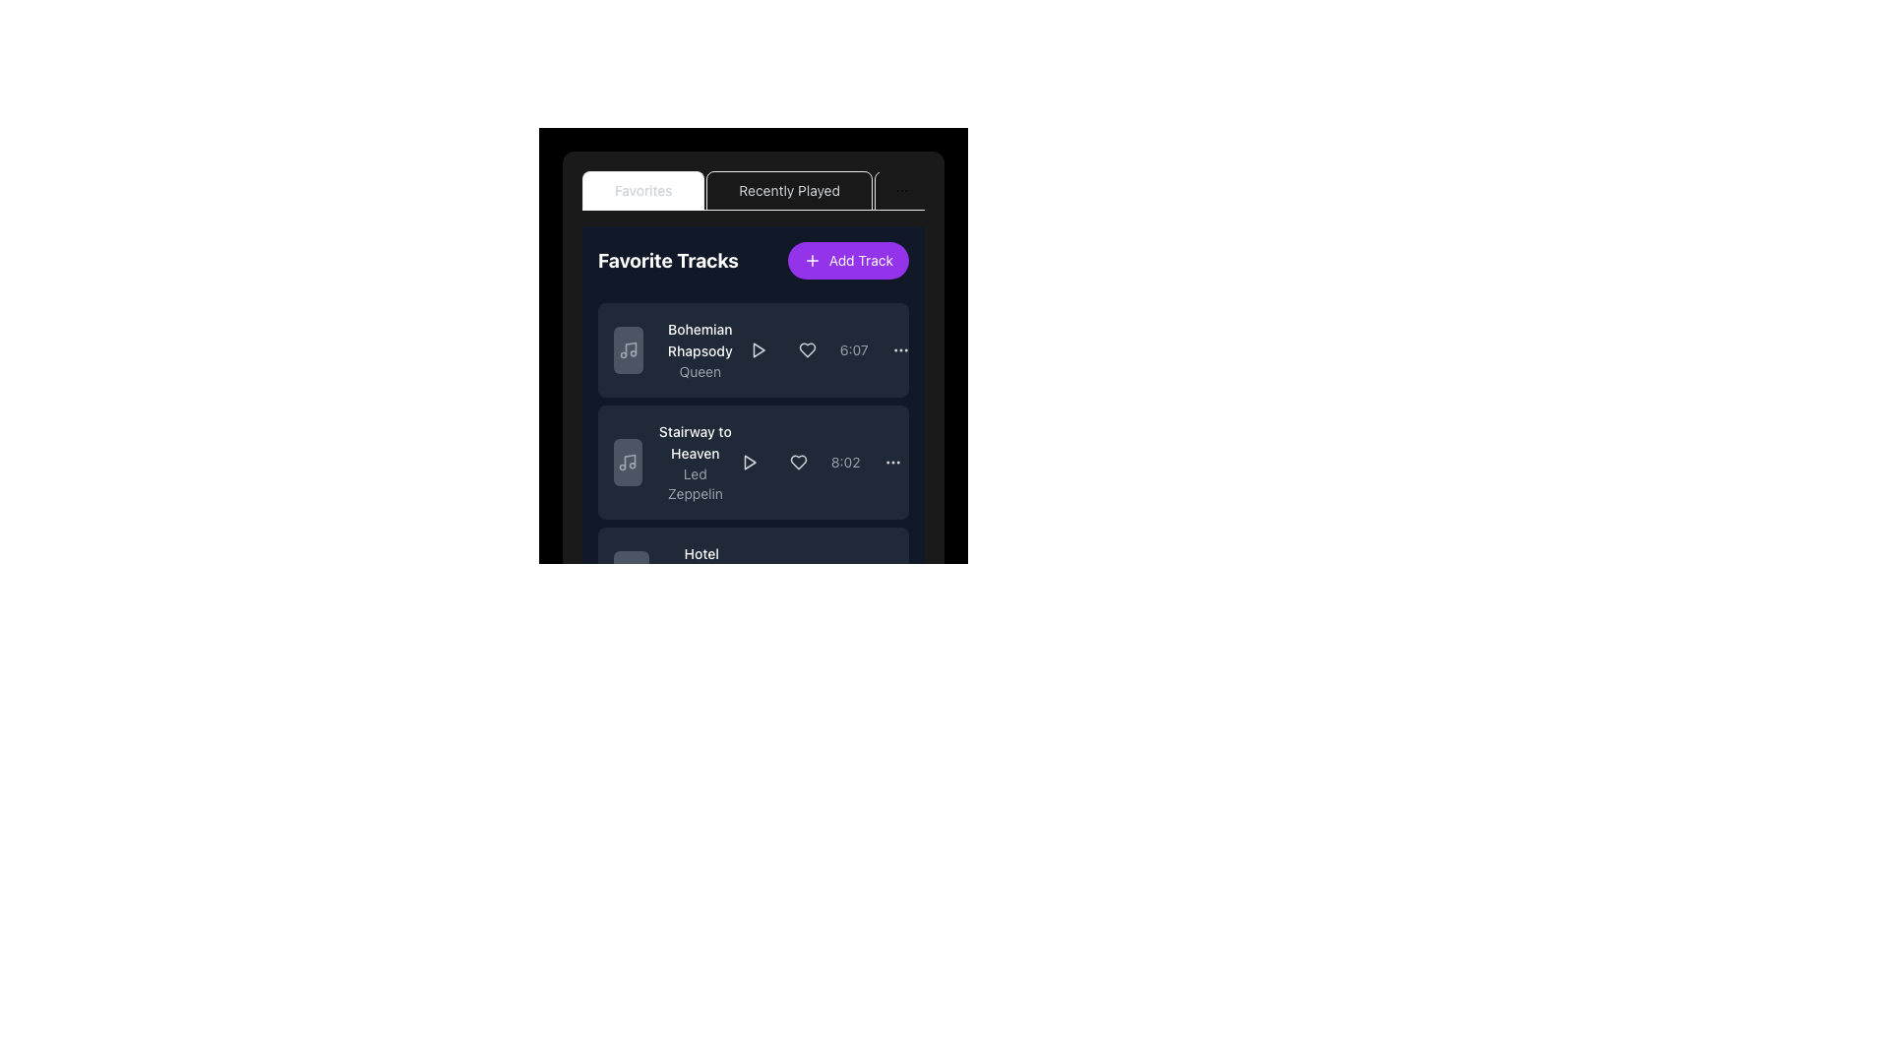 The image size is (1889, 1063). I want to click on the List item representing a specific track in the 'Favorite Tracks' list, located between 'Bohemian Rhapsody' and 'Hotel', so click(673, 463).